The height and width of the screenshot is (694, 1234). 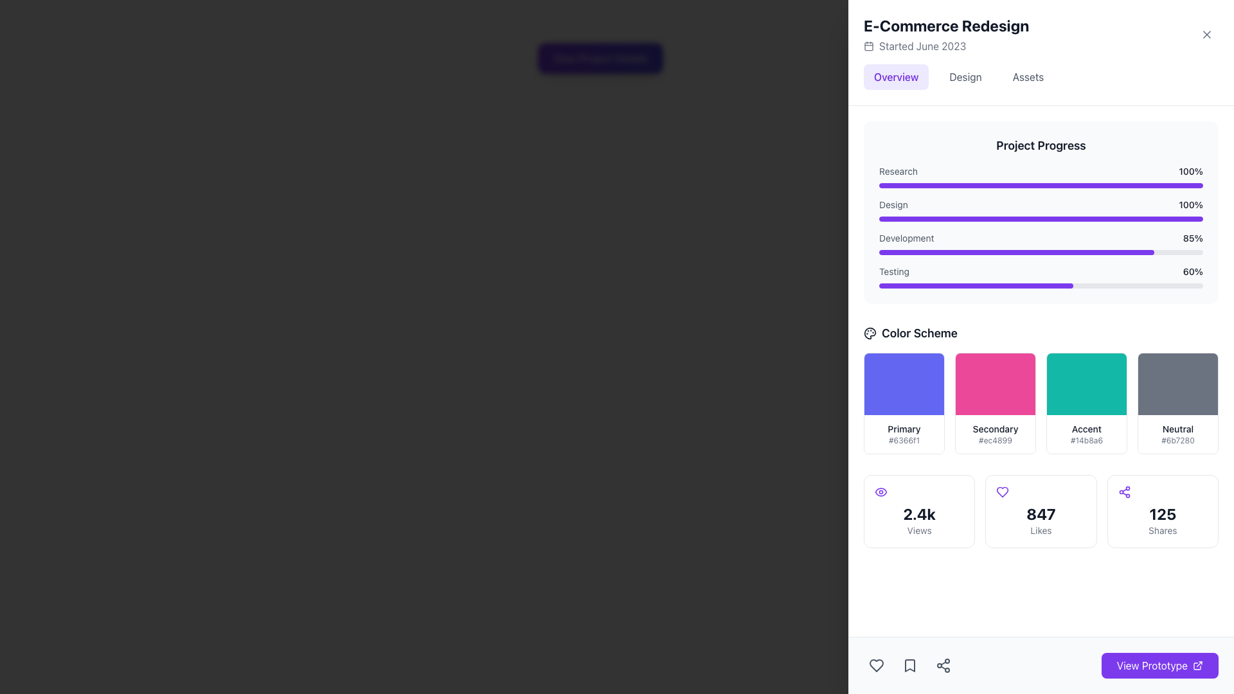 What do you see at coordinates (1086, 440) in the screenshot?
I see `text content of the text label '#14b8a6' located below the turquoise 'Accent' color label in the 'Color Scheme' section` at bounding box center [1086, 440].